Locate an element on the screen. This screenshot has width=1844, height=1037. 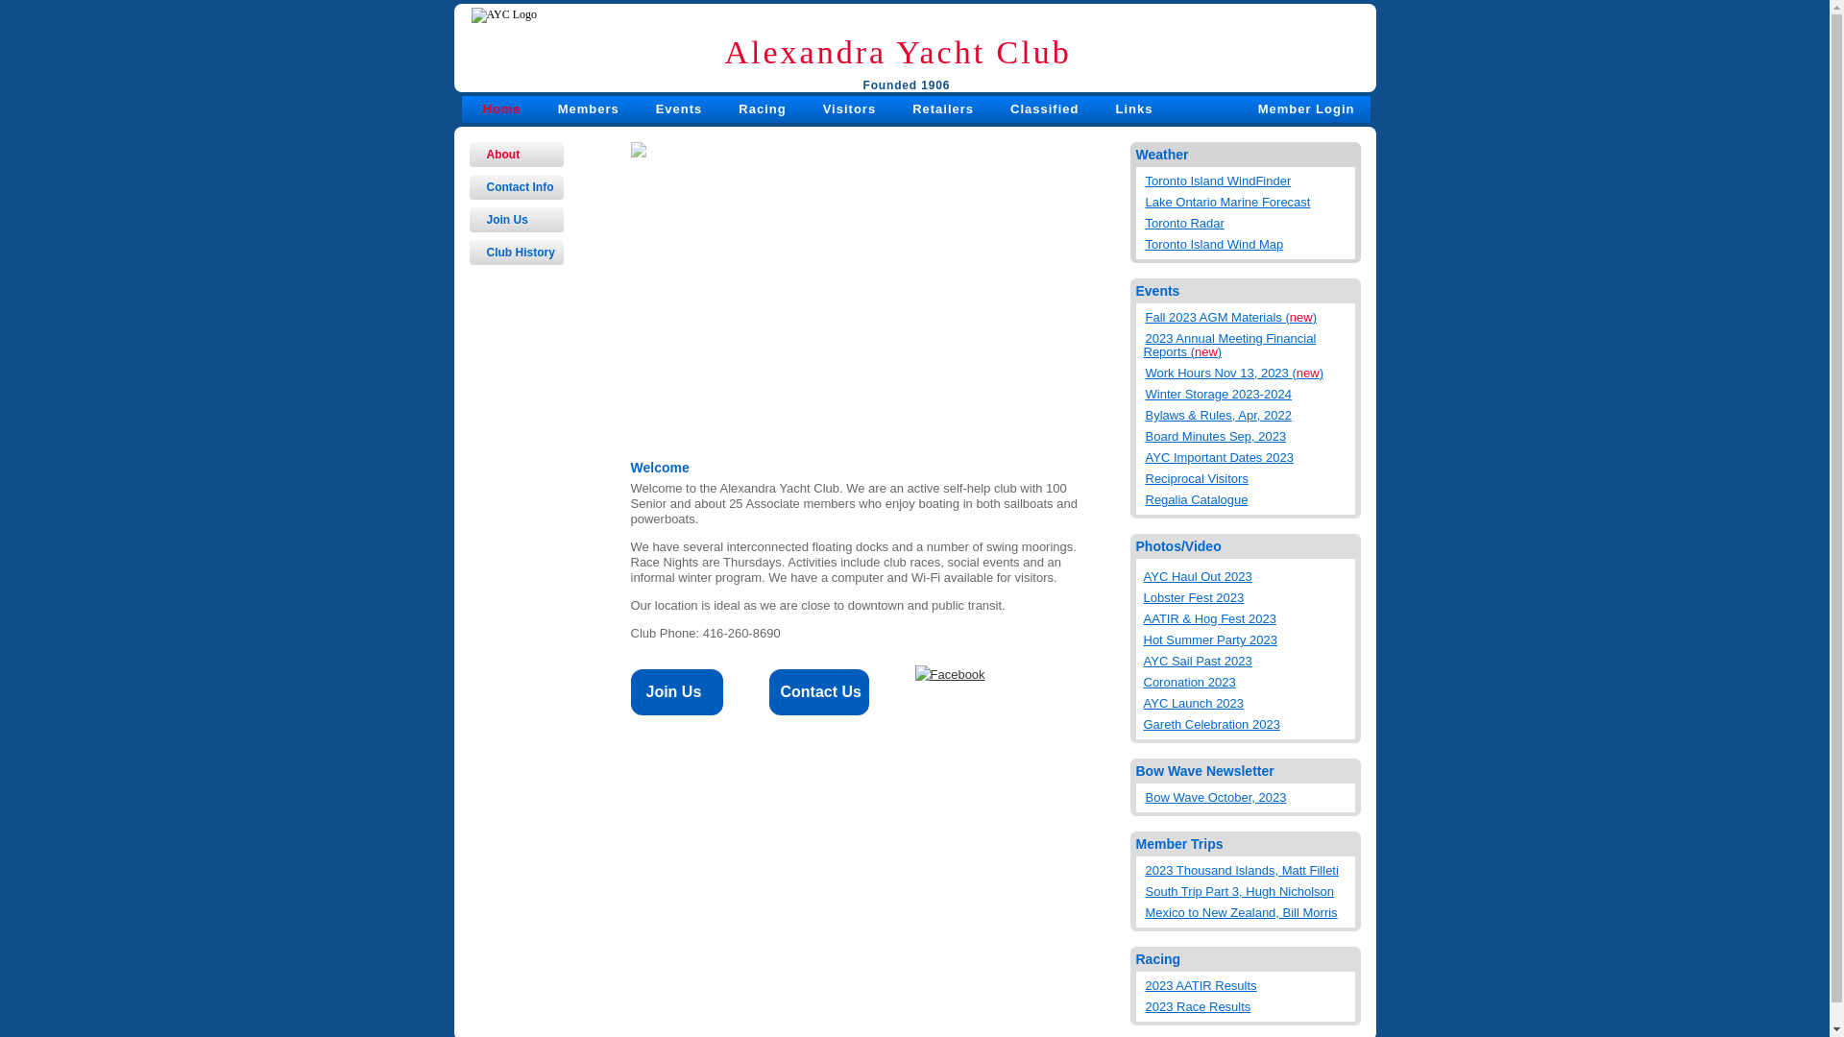
'Board Minutes Sep, 2023' is located at coordinates (1249, 433).